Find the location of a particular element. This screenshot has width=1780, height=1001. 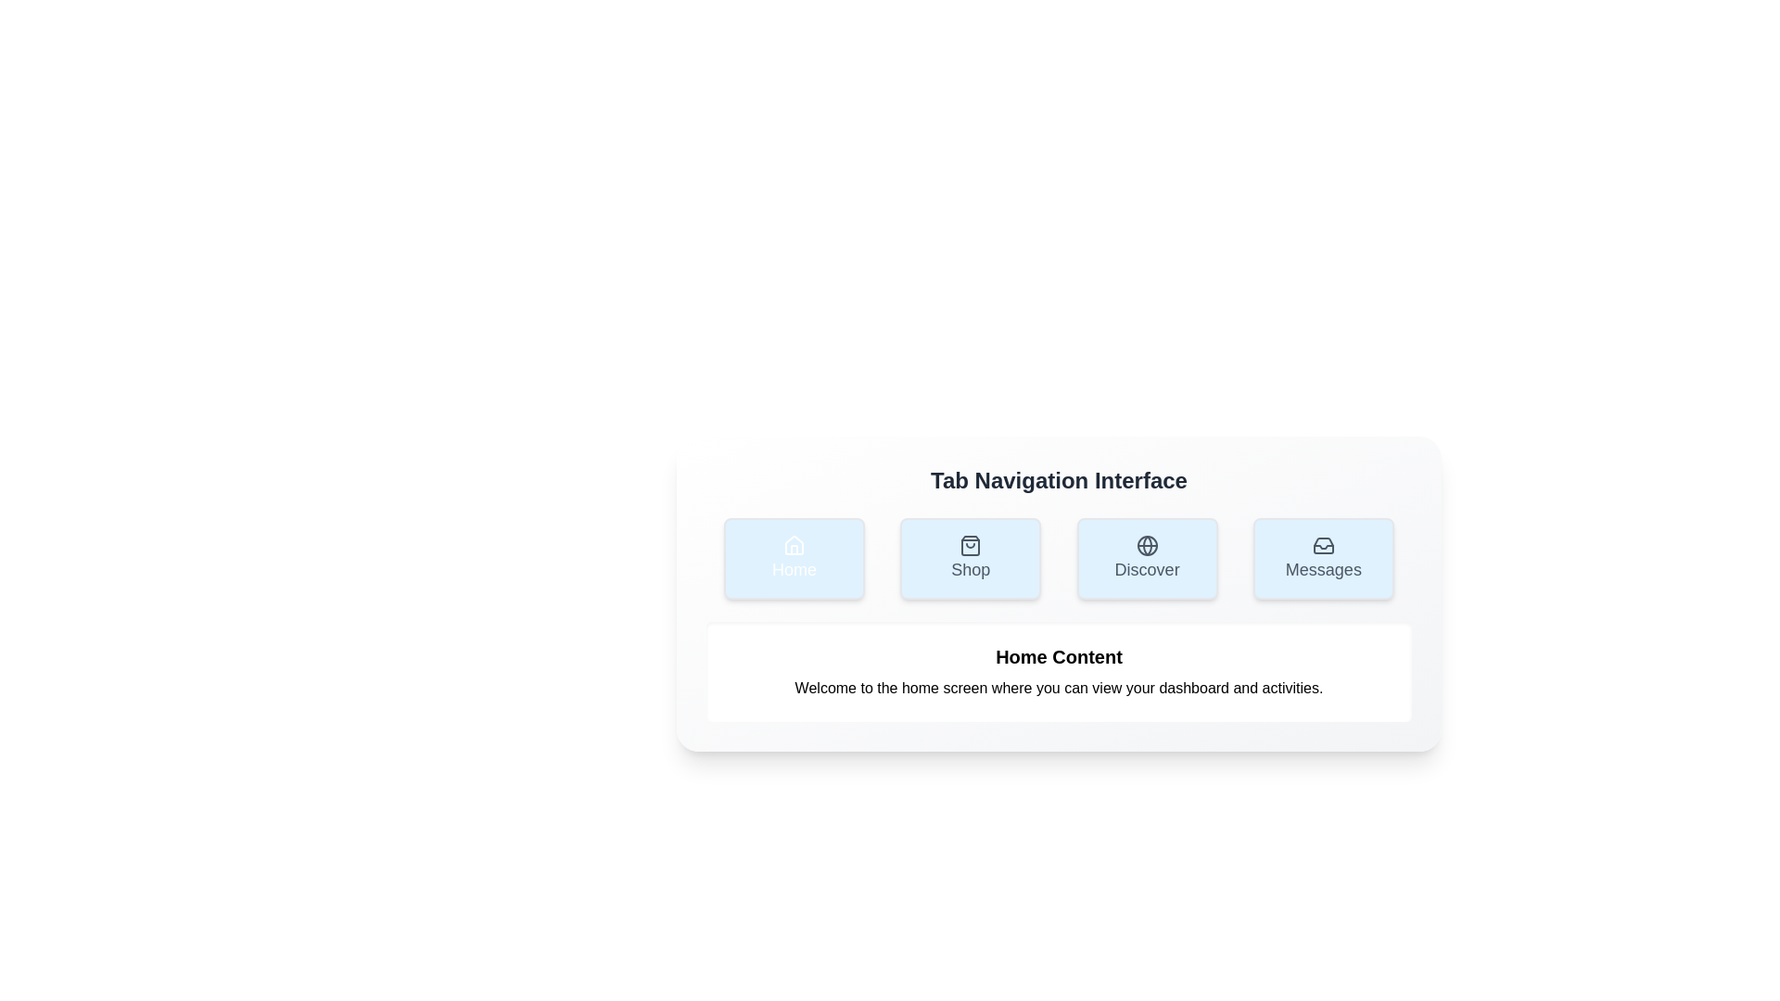

the 'Discover' icon located in the horizontal navigation bar is located at coordinates (1146, 545).